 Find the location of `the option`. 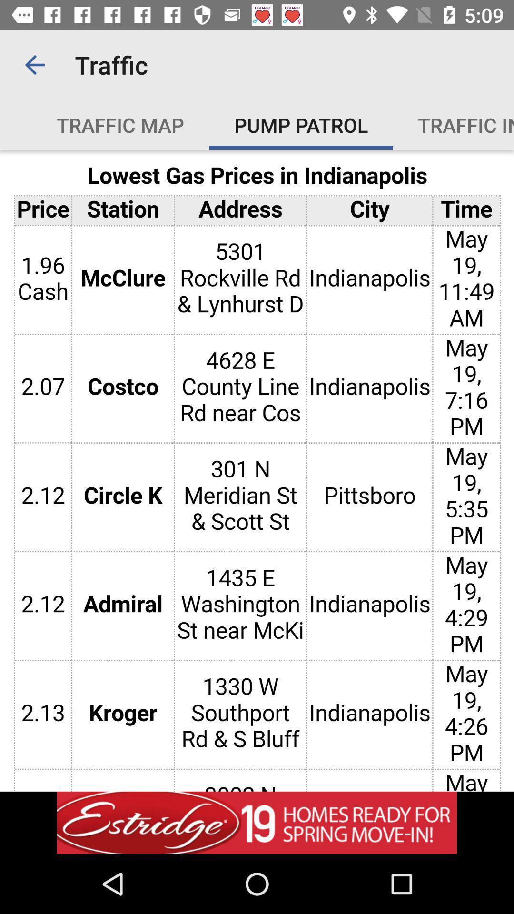

the option is located at coordinates (257, 822).